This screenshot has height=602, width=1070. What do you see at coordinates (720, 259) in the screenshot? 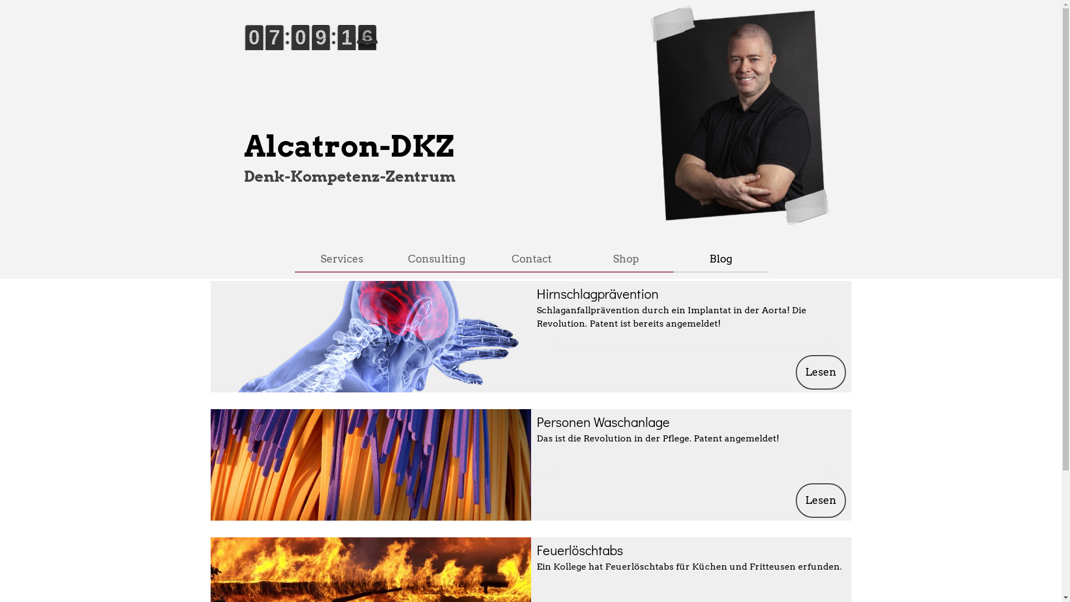
I see `'Blog'` at bounding box center [720, 259].